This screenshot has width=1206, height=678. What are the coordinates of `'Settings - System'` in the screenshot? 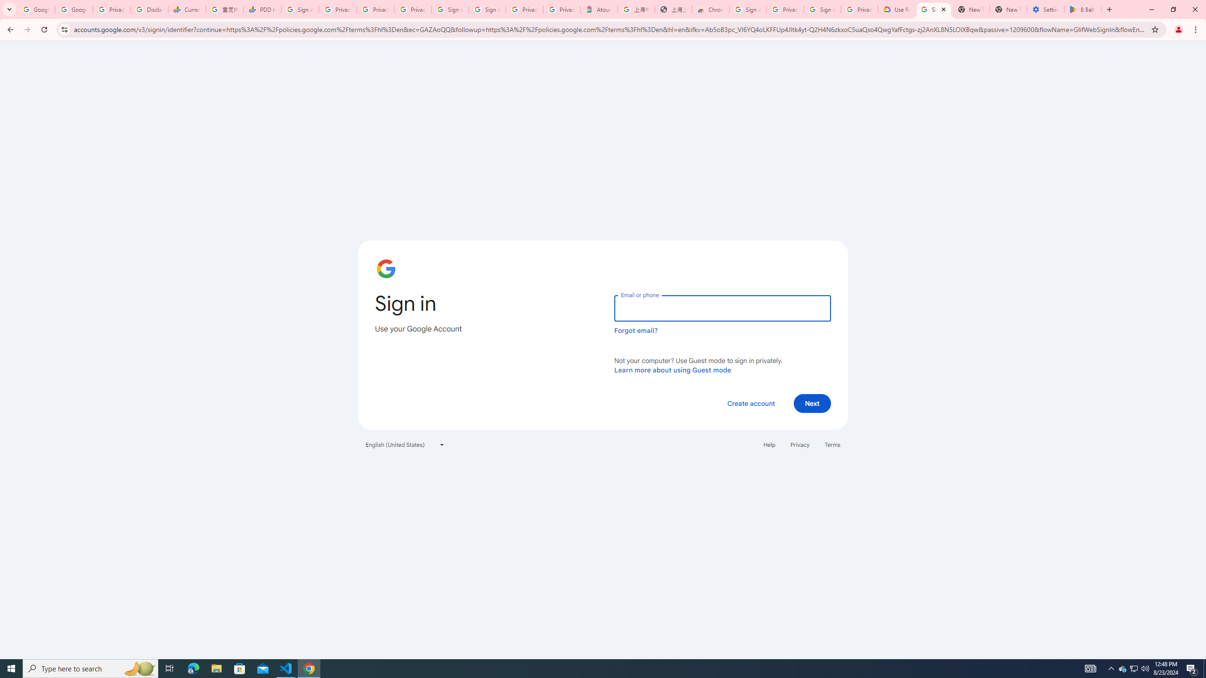 It's located at (1045, 9).